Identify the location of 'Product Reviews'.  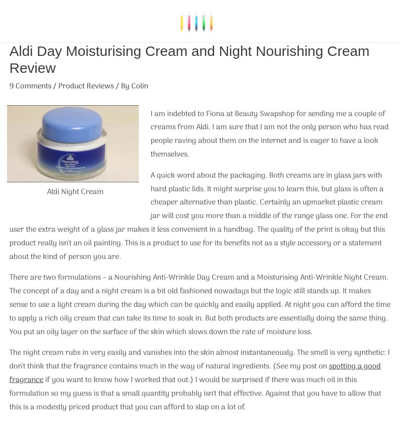
(86, 86).